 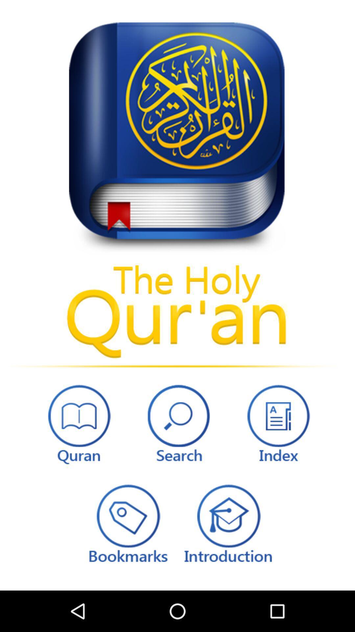 What do you see at coordinates (127, 522) in the screenshot?
I see `edit bookmarks option` at bounding box center [127, 522].